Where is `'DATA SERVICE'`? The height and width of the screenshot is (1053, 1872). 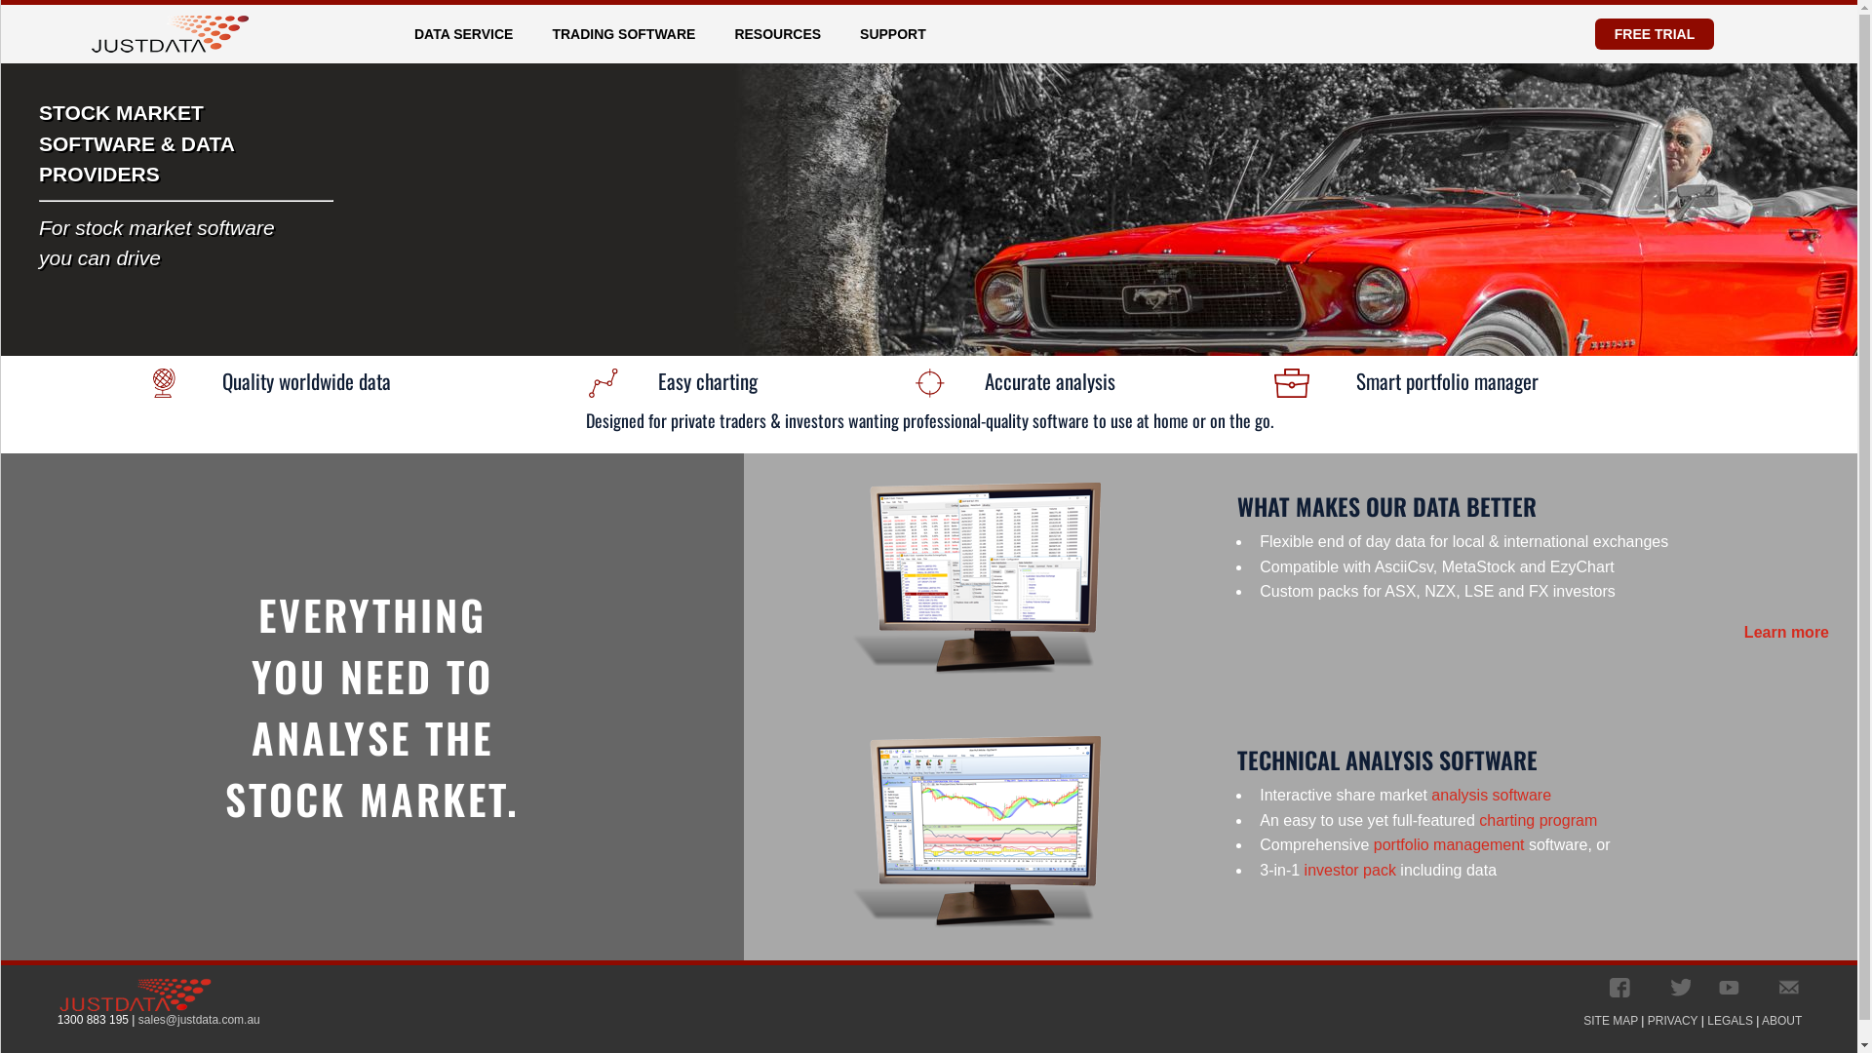 'DATA SERVICE' is located at coordinates (469, 33).